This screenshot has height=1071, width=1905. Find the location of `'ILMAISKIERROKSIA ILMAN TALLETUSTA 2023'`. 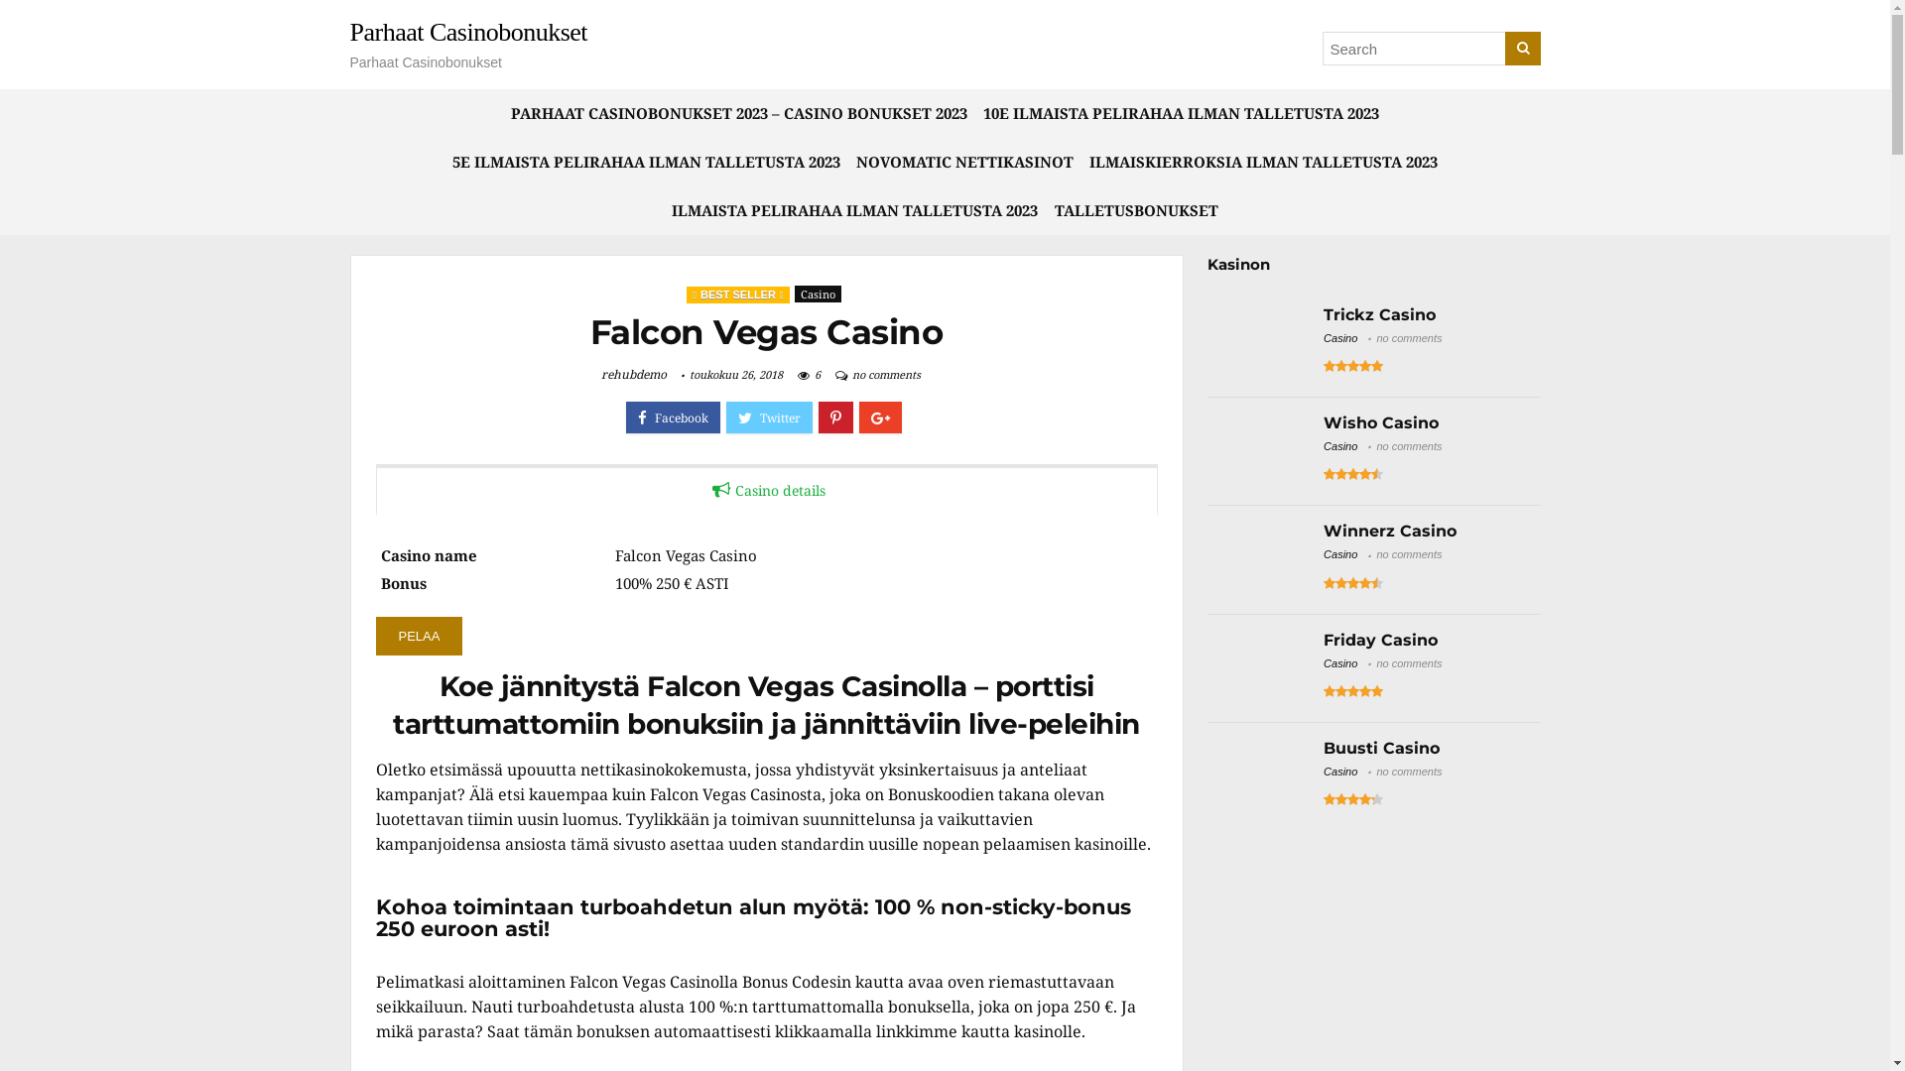

'ILMAISKIERROKSIA ILMAN TALLETUSTA 2023' is located at coordinates (1262, 161).